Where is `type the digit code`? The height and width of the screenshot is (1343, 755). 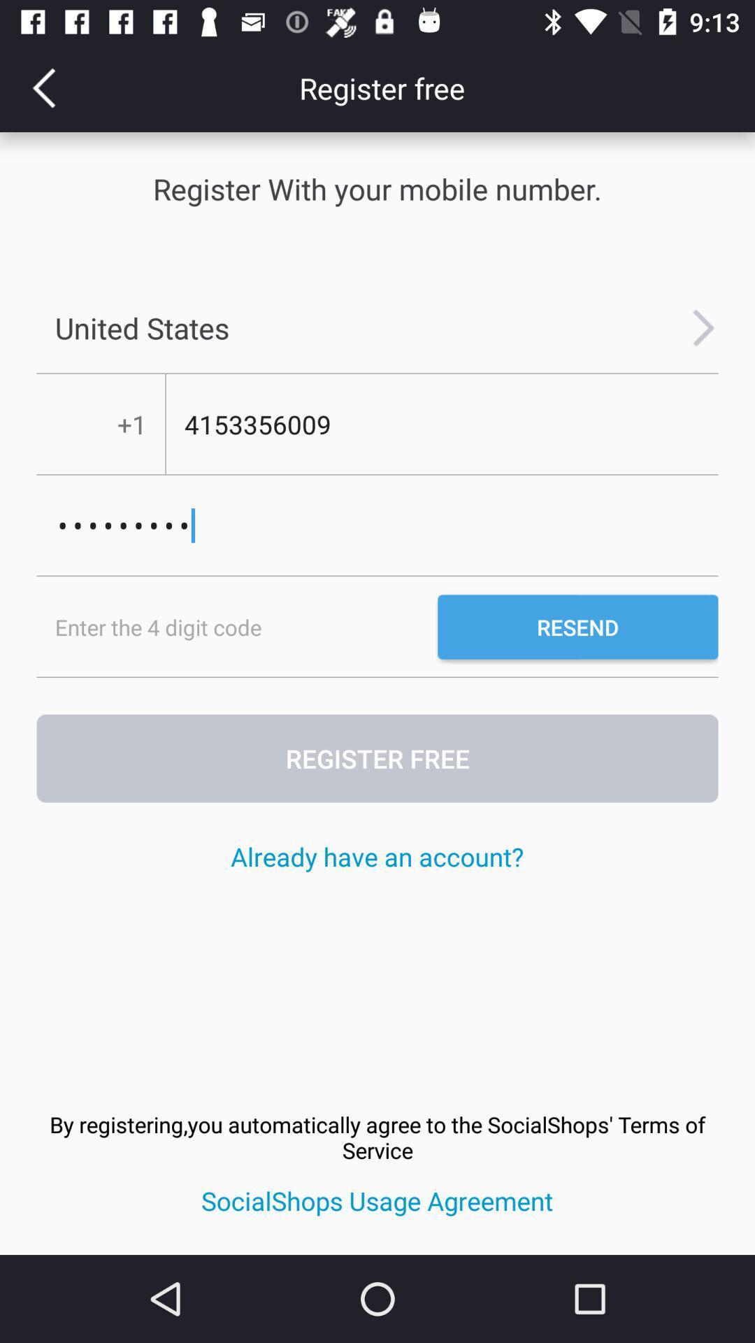 type the digit code is located at coordinates (236, 626).